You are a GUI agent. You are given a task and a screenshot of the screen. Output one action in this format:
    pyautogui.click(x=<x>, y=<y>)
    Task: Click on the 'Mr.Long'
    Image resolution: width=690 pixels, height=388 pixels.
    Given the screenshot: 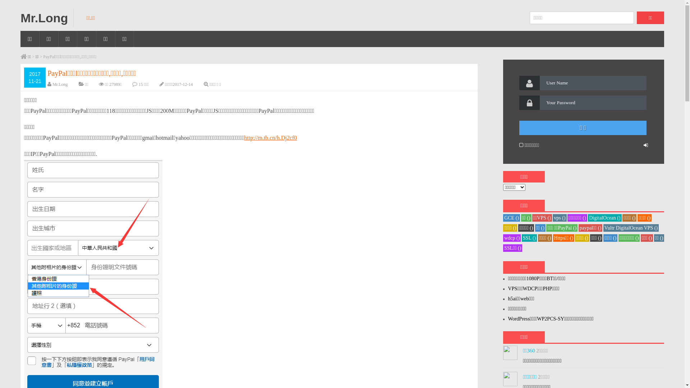 What is the action you would take?
    pyautogui.click(x=20, y=18)
    